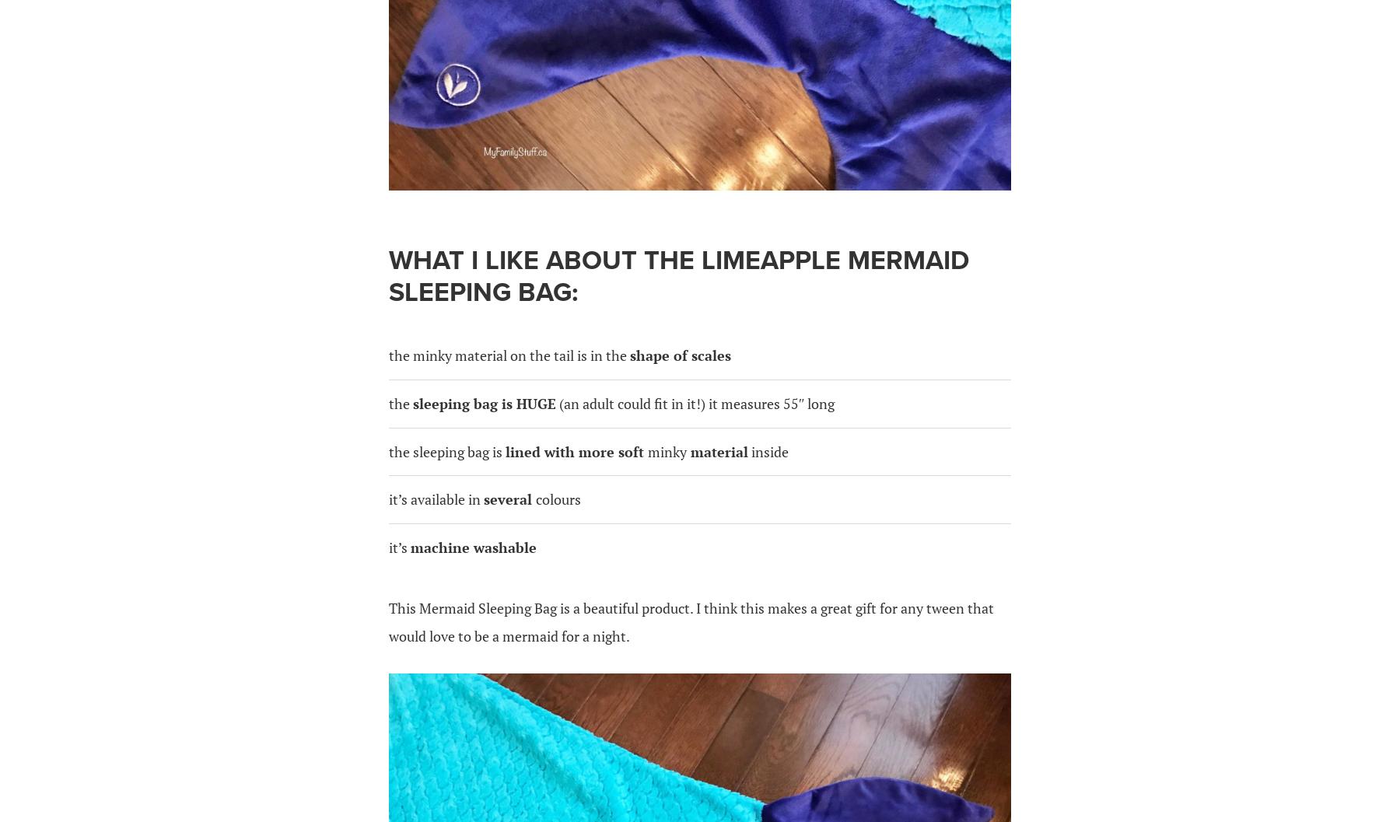 The image size is (1400, 822). Describe the element at coordinates (691, 622) in the screenshot. I see `'This Mermaid Sleeping Bag is a beautiful product. I think this makes a great gift for any tween that would love to be a mermaid for a night.'` at that location.